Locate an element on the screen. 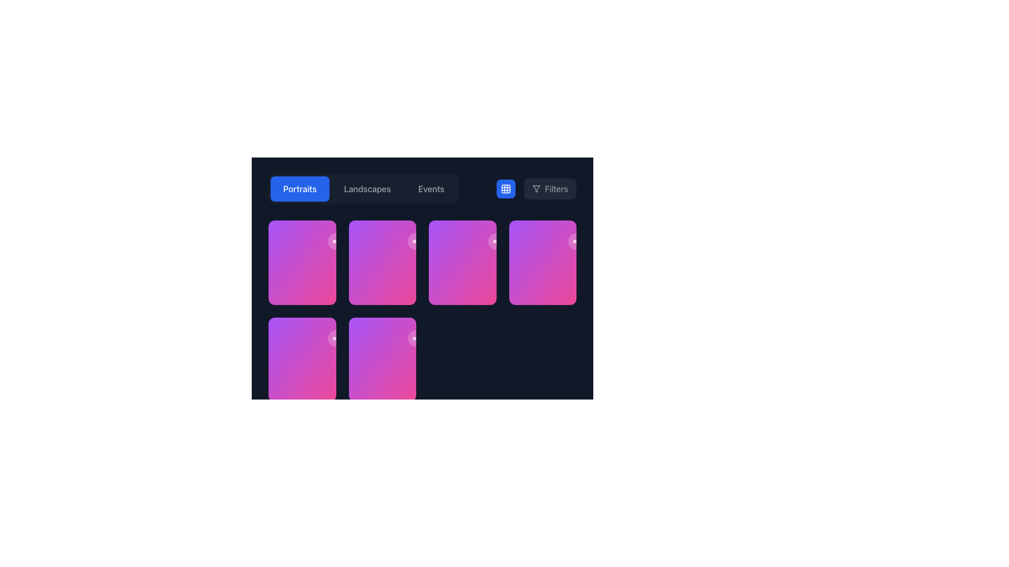  the sharing button in the top-right corner of the card with a translucent circular background is located at coordinates (584, 239).